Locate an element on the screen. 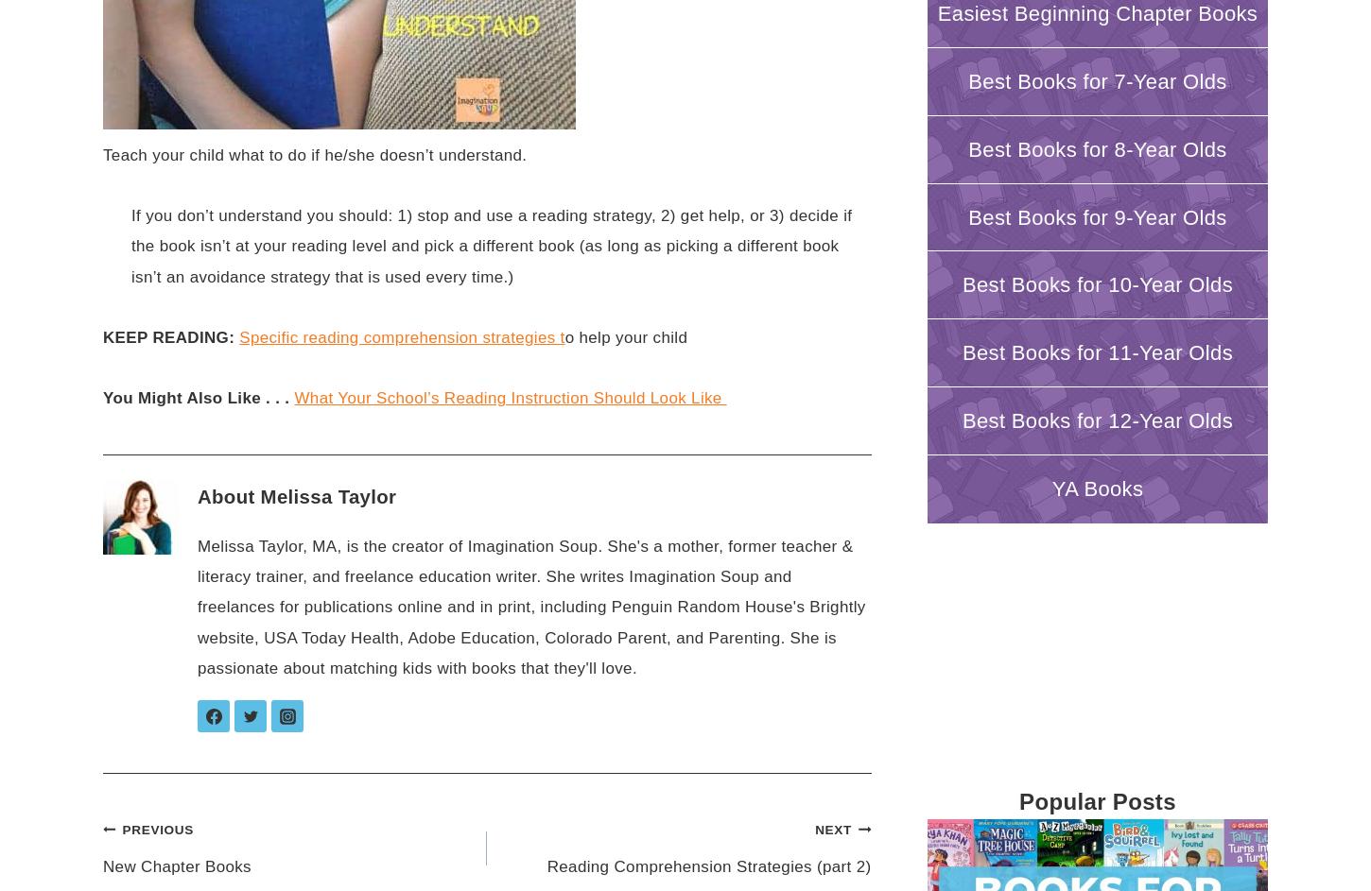 This screenshot has height=891, width=1371. 'Best Books for 8-Year Olds​' is located at coordinates (1096, 148).